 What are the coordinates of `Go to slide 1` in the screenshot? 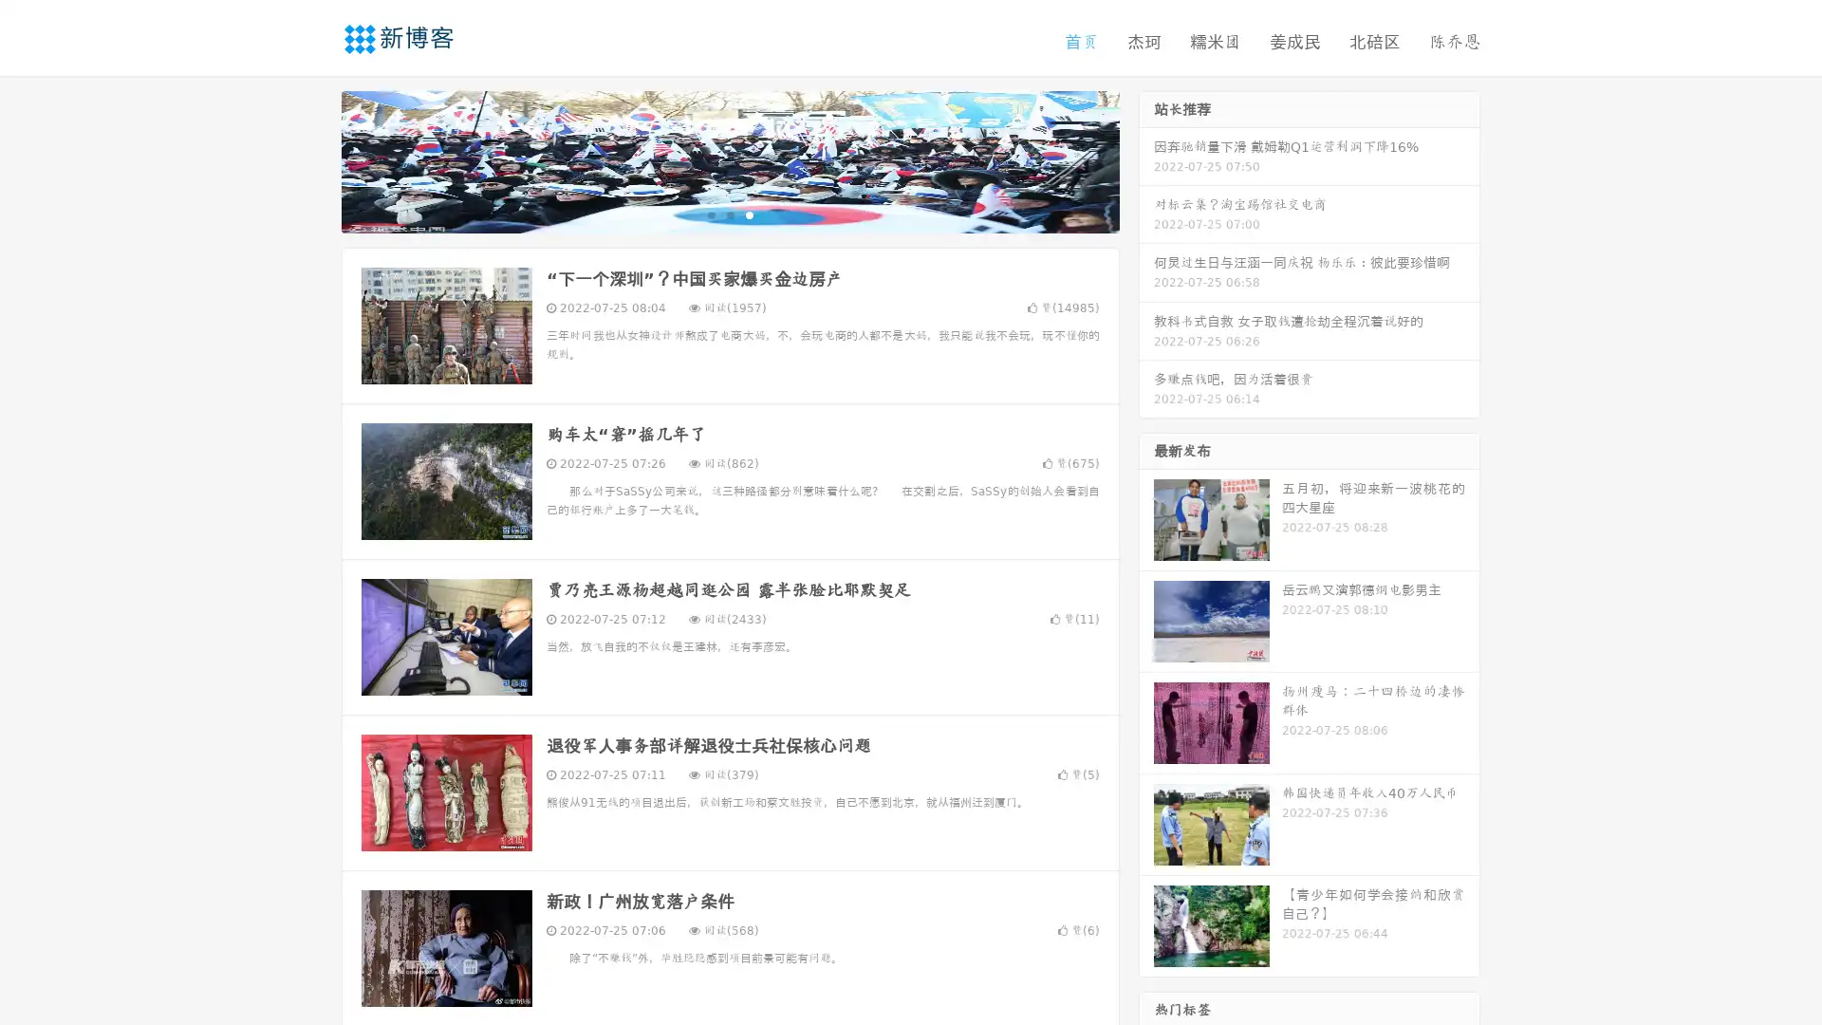 It's located at (710, 214).